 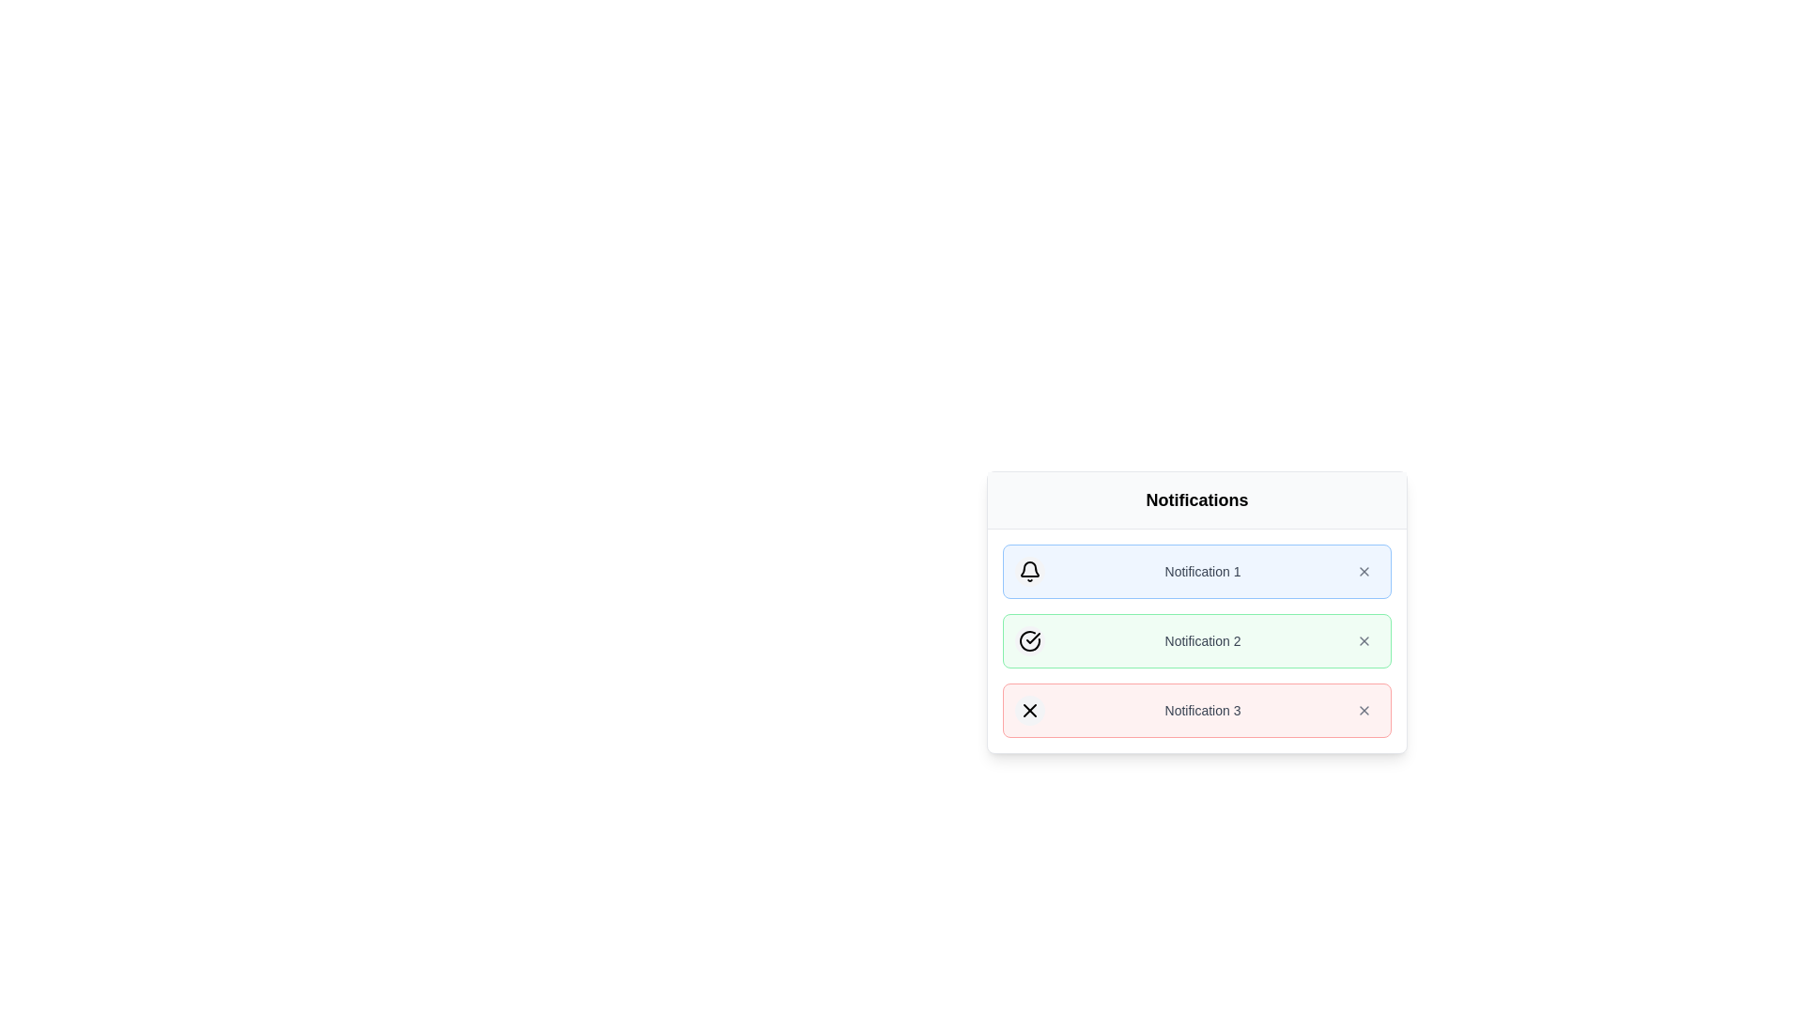 What do you see at coordinates (1203, 710) in the screenshot?
I see `the text label in the third notification card that indicates the content or purpose of the notification, located centrally within the card` at bounding box center [1203, 710].